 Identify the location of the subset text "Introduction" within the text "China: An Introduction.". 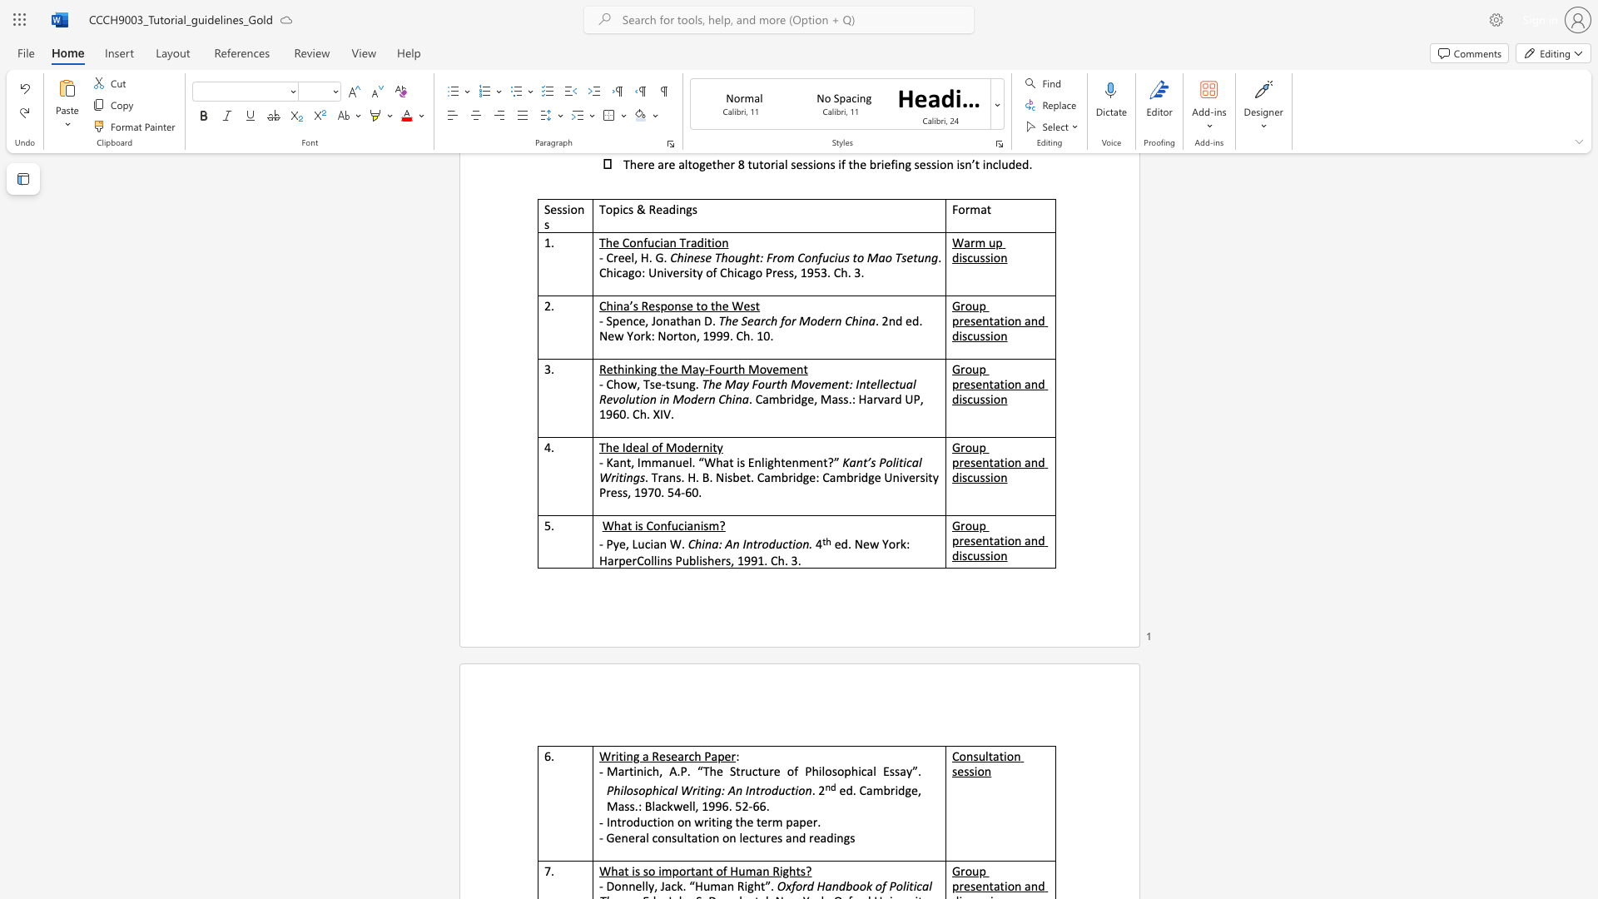
(742, 544).